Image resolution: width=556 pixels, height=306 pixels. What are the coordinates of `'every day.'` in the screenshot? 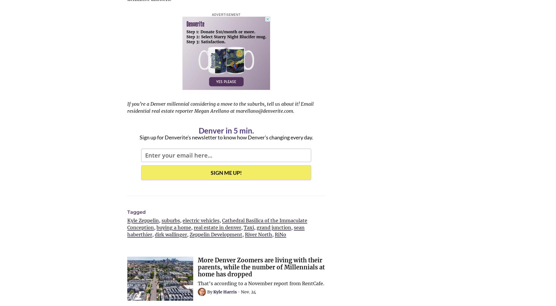 It's located at (301, 137).